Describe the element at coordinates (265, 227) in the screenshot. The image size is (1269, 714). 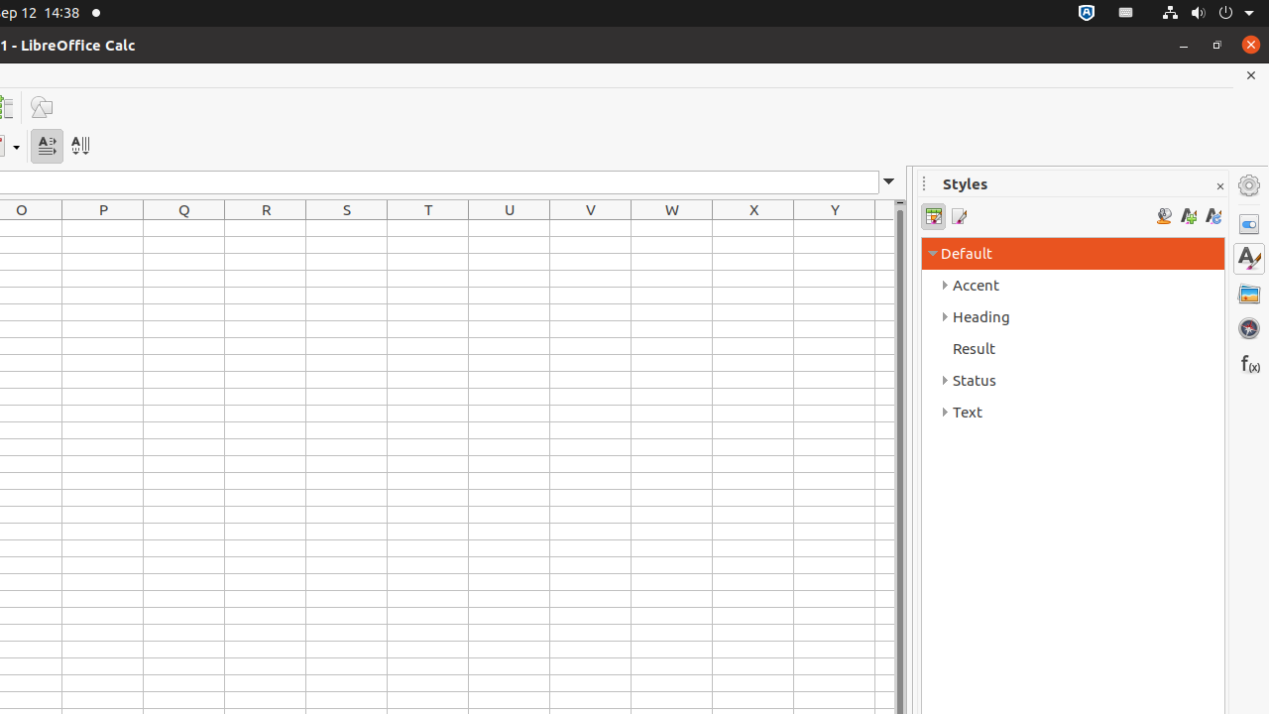
I see `'R1'` at that location.